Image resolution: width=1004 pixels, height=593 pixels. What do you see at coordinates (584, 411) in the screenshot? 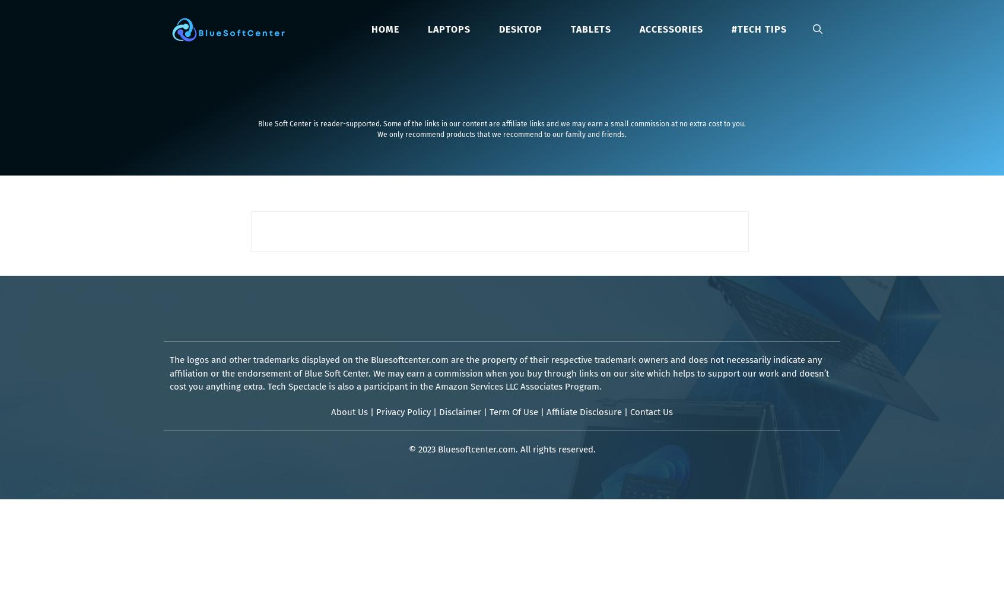
I see `'Affiliate Disclosure'` at bounding box center [584, 411].